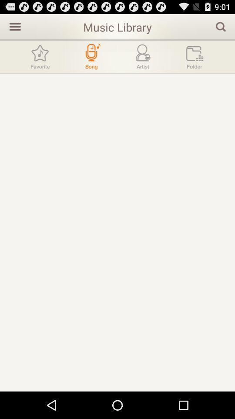 This screenshot has width=235, height=419. Describe the element at coordinates (13, 26) in the screenshot. I see `the item to the left of music library icon` at that location.